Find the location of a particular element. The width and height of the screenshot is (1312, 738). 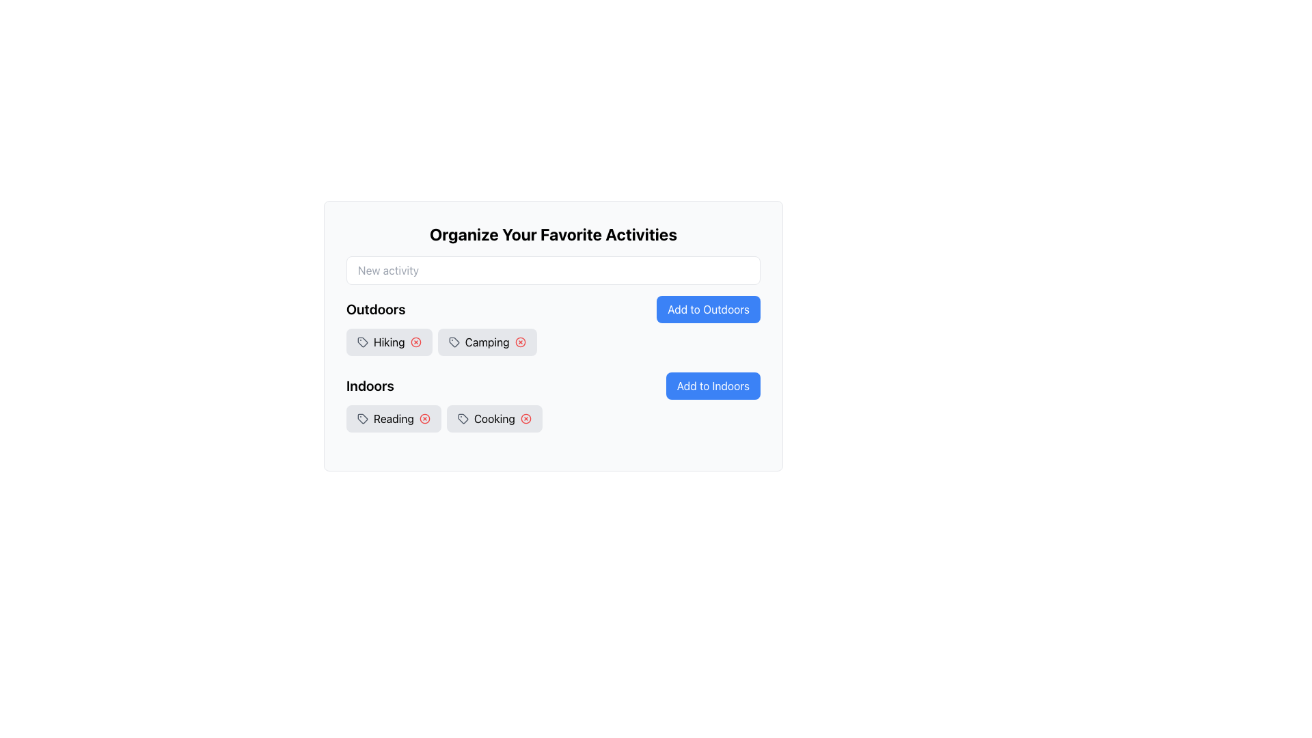

the first interactive tag element labeled 'Reading' located under the 'Indoors' heading, which is positioned to the left of the 'Cooking' tag is located at coordinates (393, 418).